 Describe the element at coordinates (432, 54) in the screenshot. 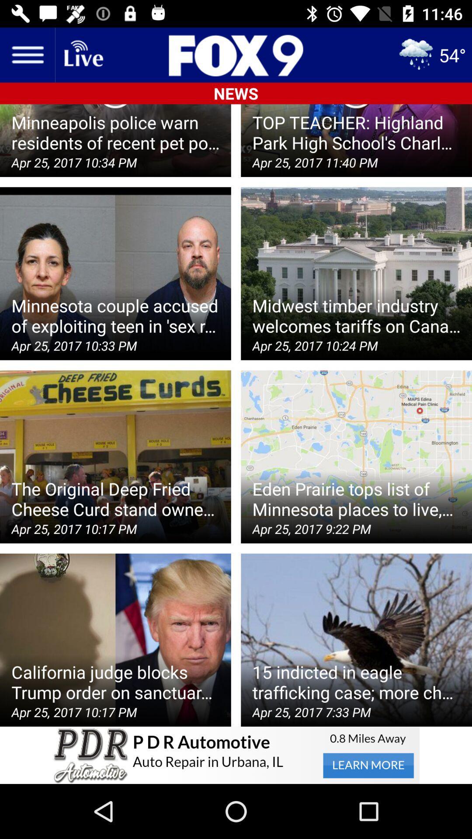

I see `the weather icon` at that location.